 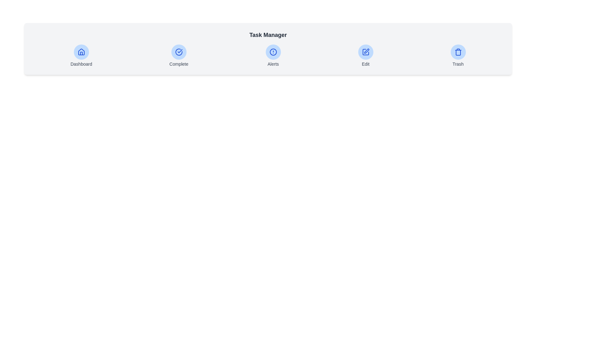 What do you see at coordinates (458, 52) in the screenshot?
I see `the delete icon located in the top-right corner of the interface, specifically within the 'Trash' button` at bounding box center [458, 52].